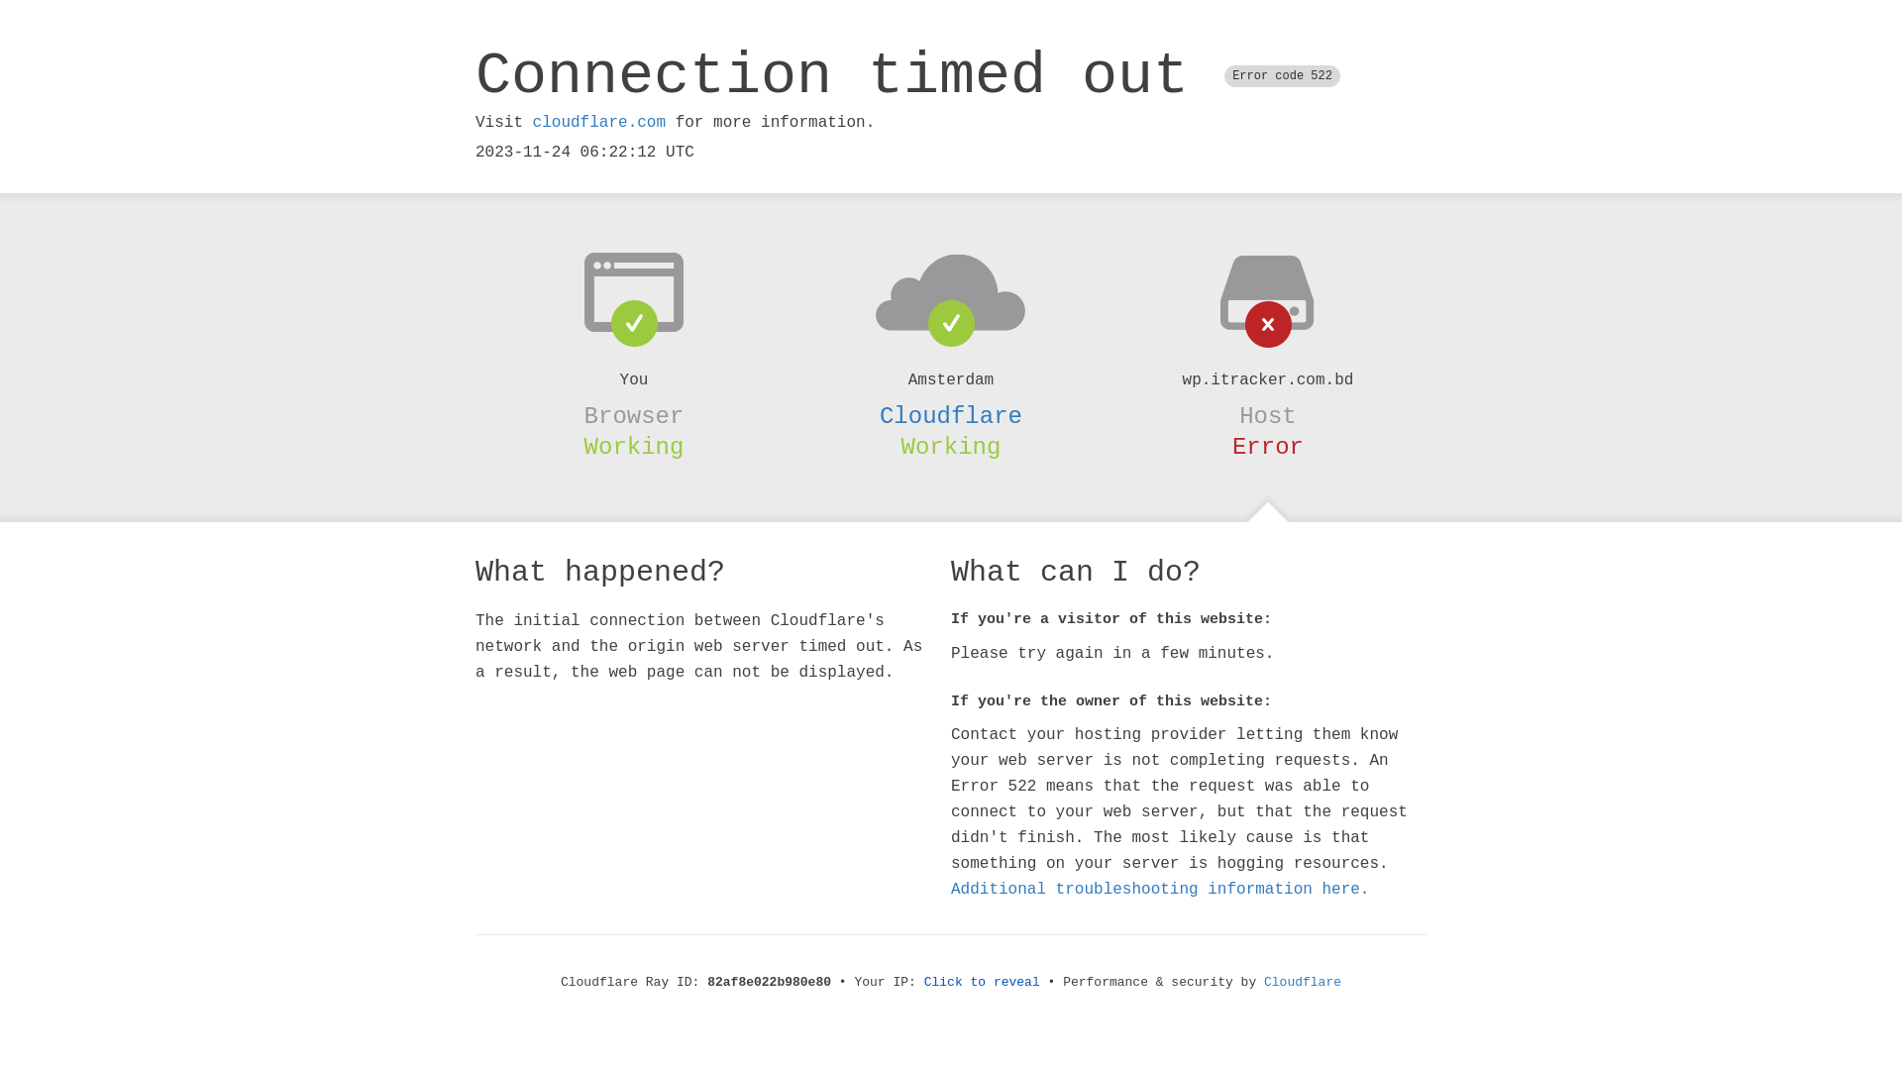 Image resolution: width=1902 pixels, height=1070 pixels. I want to click on 'Cloudflare', so click(879, 415).